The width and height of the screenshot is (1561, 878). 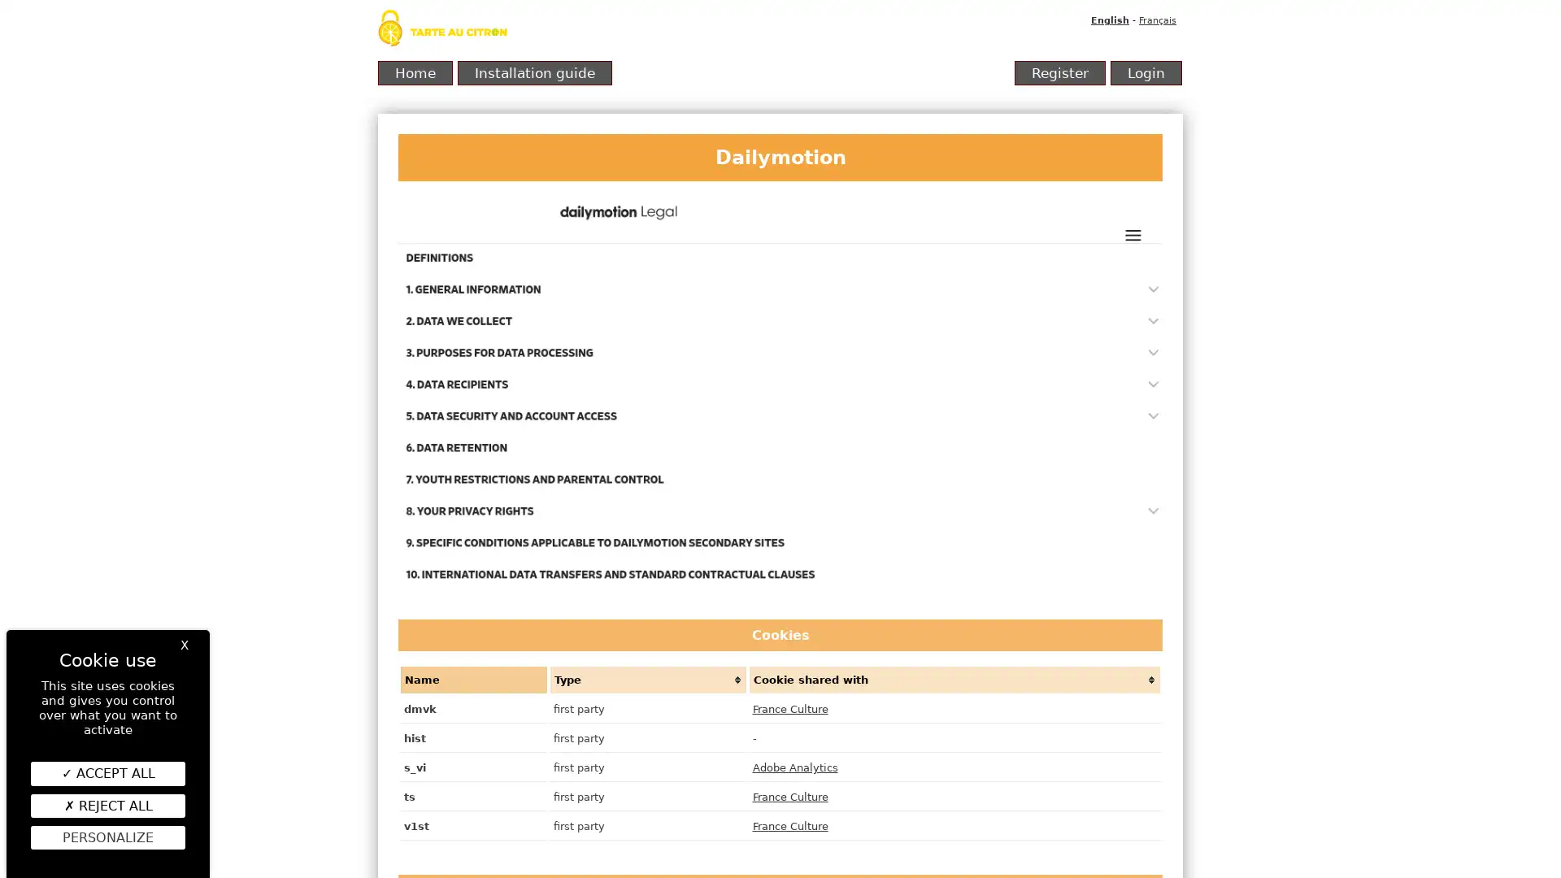 What do you see at coordinates (107, 772) in the screenshot?
I see `ACCEPT ALL` at bounding box center [107, 772].